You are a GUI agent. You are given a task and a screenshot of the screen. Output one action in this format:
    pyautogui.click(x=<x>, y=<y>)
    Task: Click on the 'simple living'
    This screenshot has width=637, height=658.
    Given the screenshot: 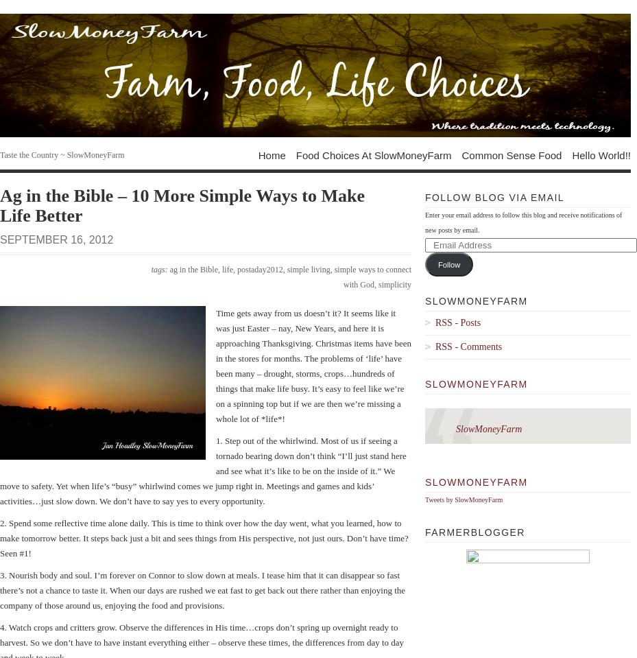 What is the action you would take?
    pyautogui.click(x=307, y=269)
    